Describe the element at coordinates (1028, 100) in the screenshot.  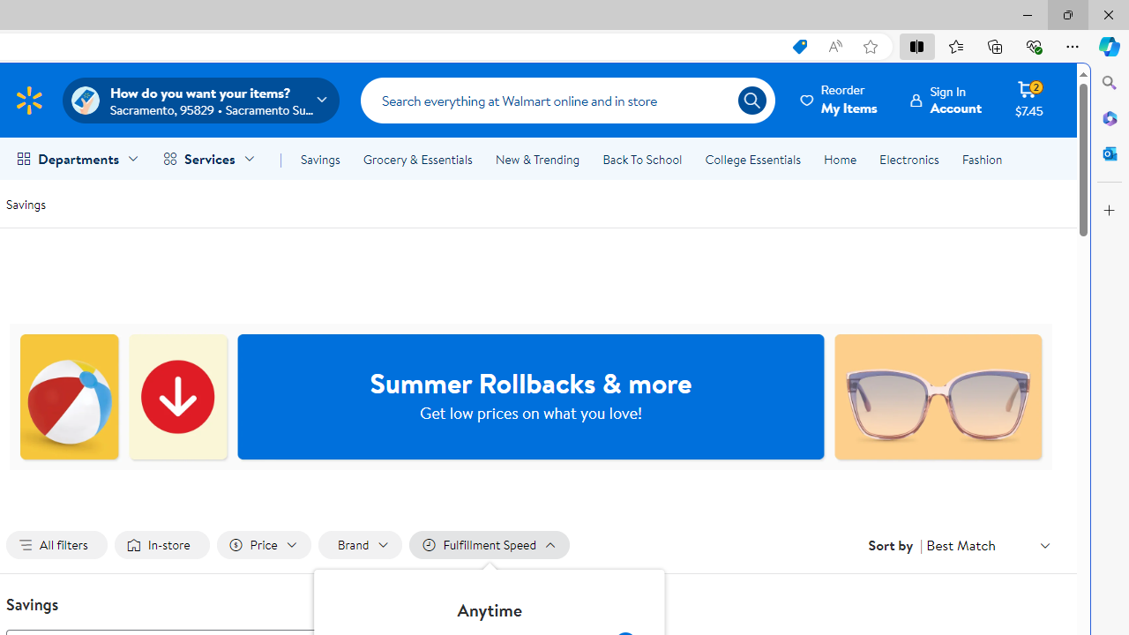
I see `'Cart contains 2 items Total Amount $7.45'` at that location.